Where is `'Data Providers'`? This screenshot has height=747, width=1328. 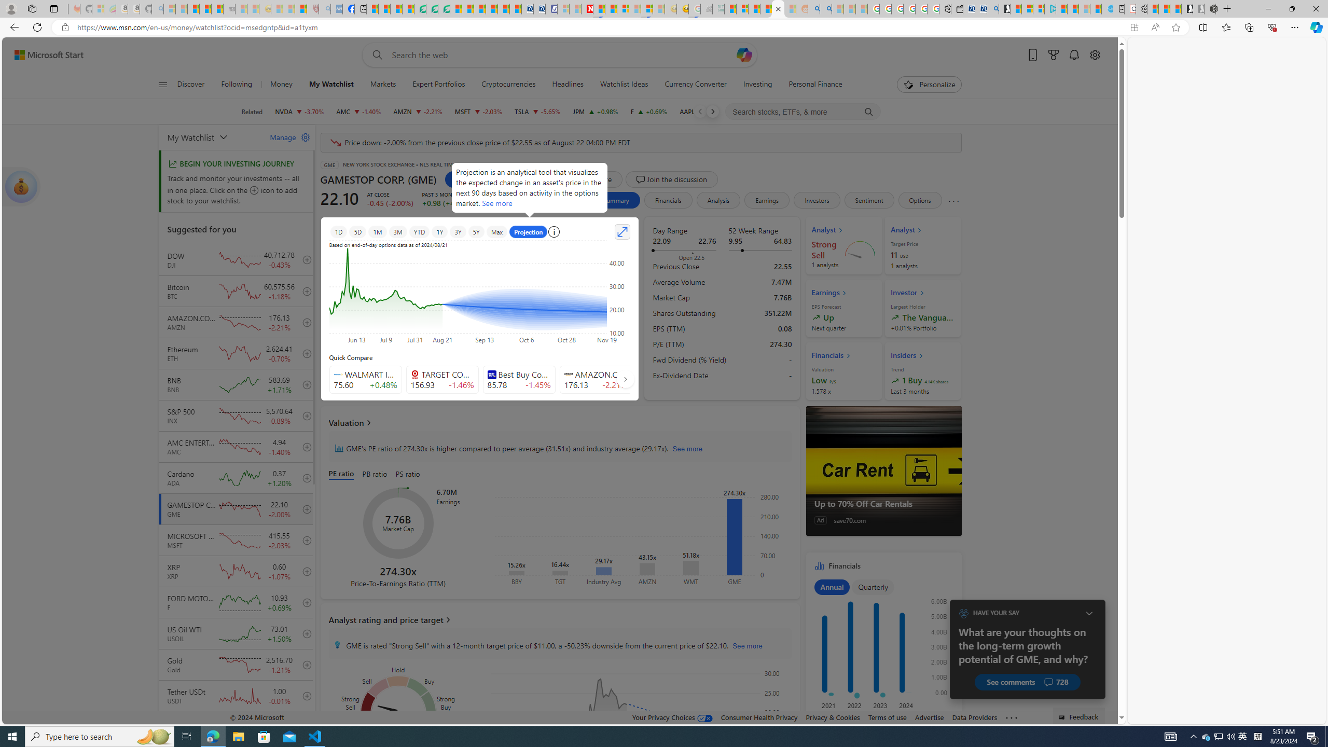 'Data Providers' is located at coordinates (975, 717).